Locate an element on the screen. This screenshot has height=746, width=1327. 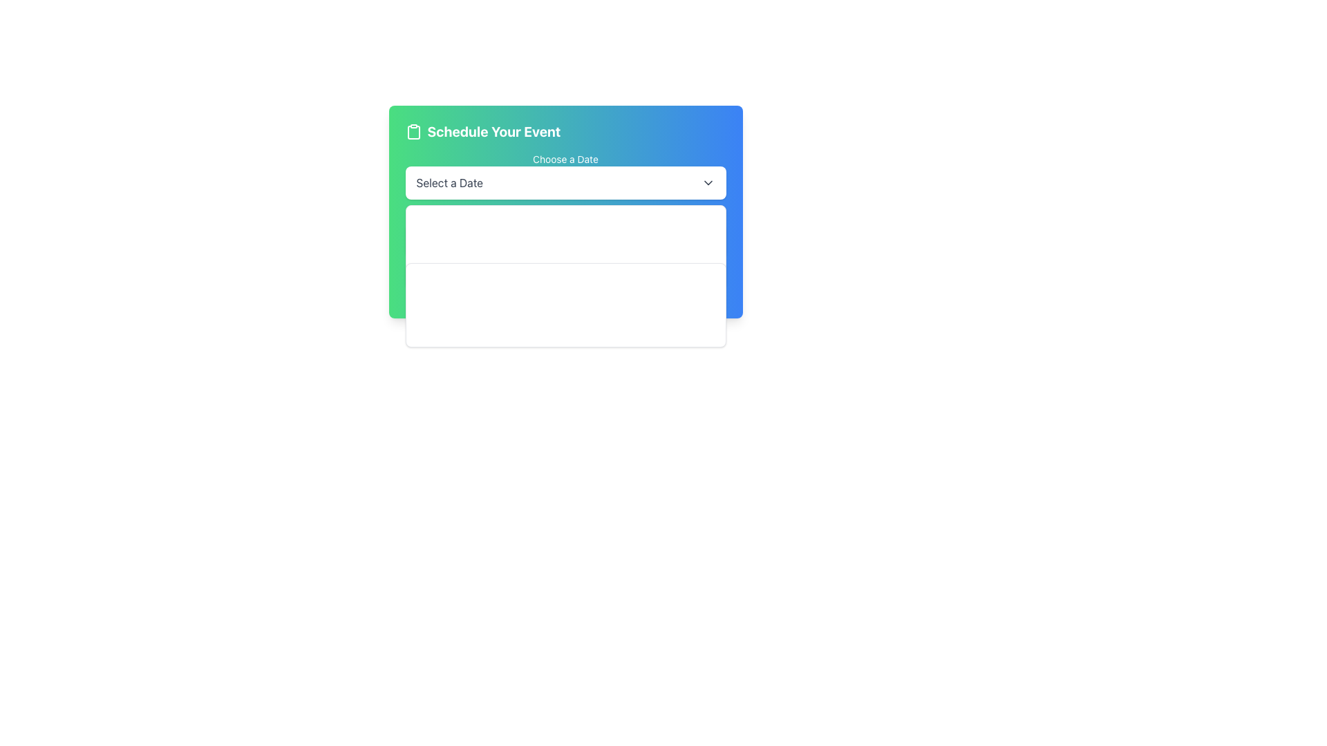
the chevron-down icon indicating the dropdown for 'Select a Date' is located at coordinates (708, 182).